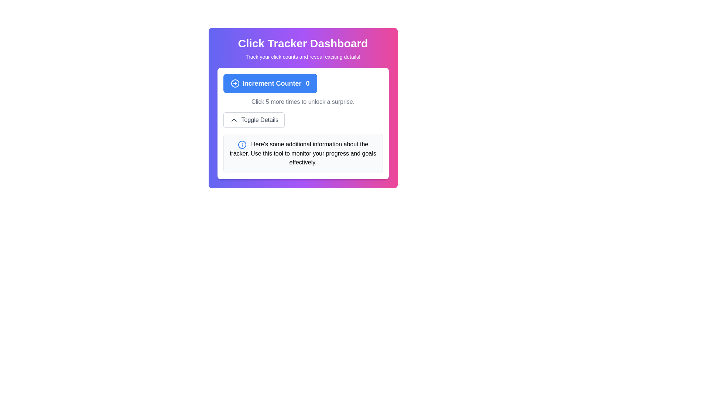 Image resolution: width=709 pixels, height=399 pixels. I want to click on the Title Section which features a gradient background and contains the text 'Click Tracker Dashboard' and the subtitle 'Track your click counts and reveal exciting details!', so click(303, 48).